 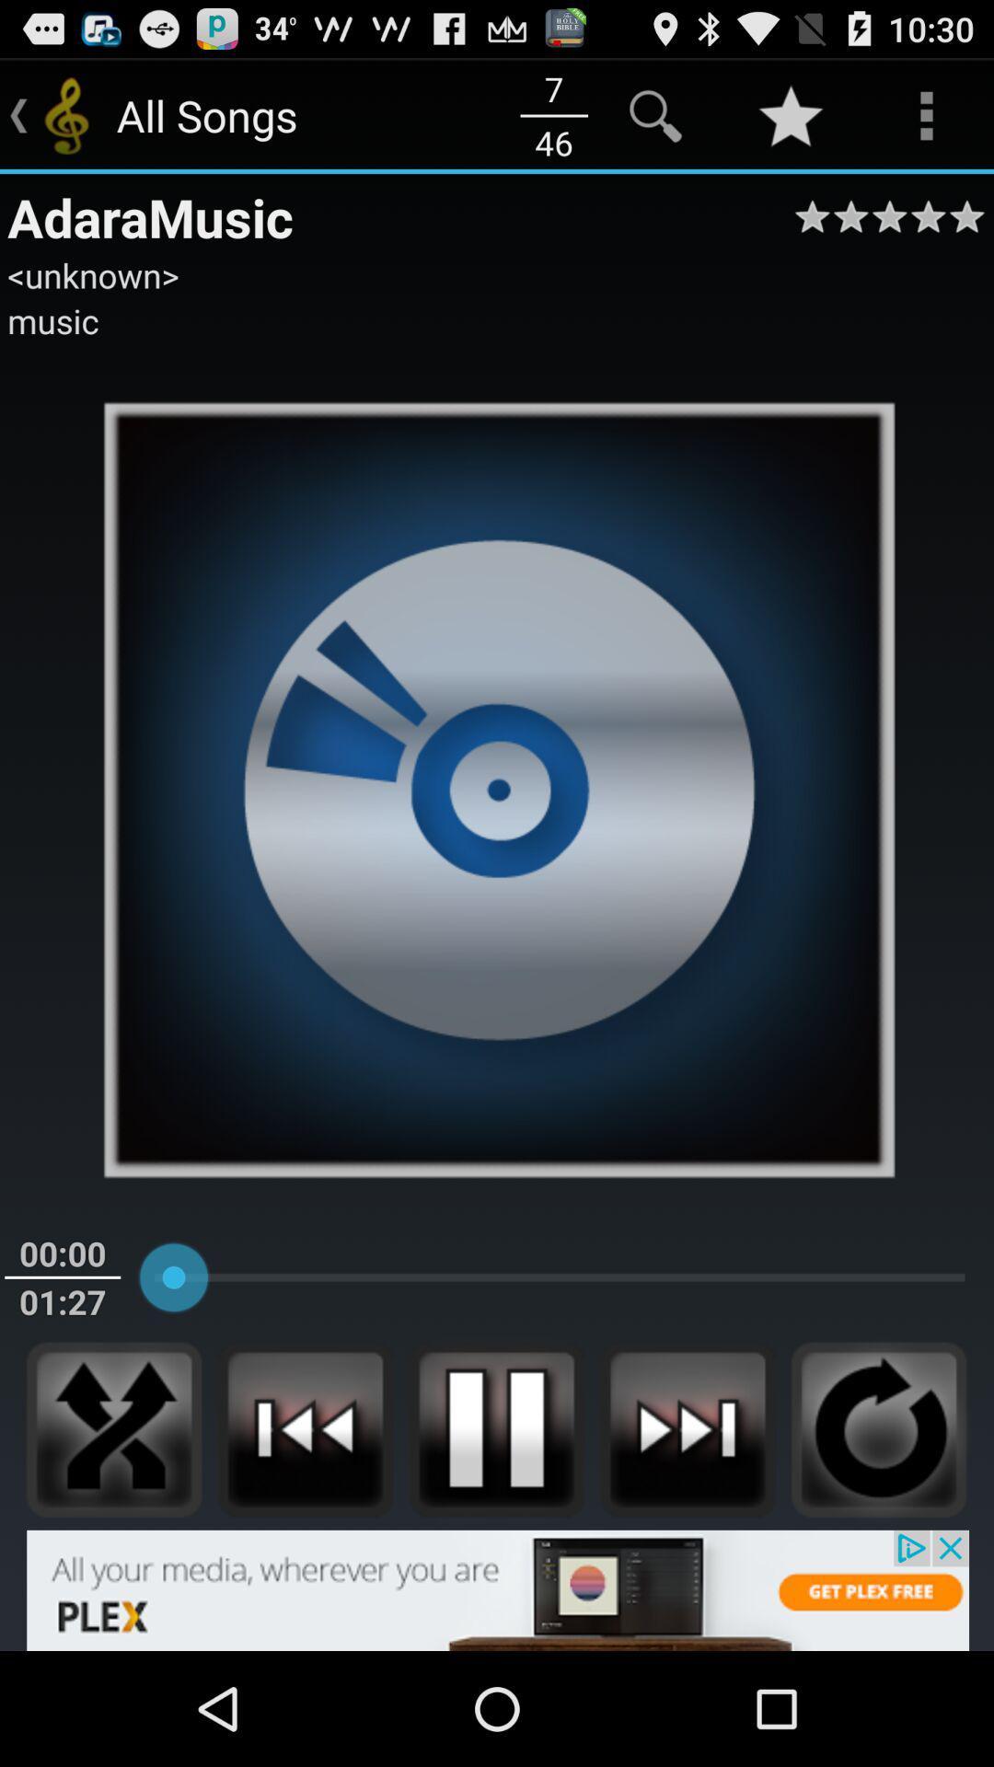 I want to click on the close icon, so click(x=114, y=1530).